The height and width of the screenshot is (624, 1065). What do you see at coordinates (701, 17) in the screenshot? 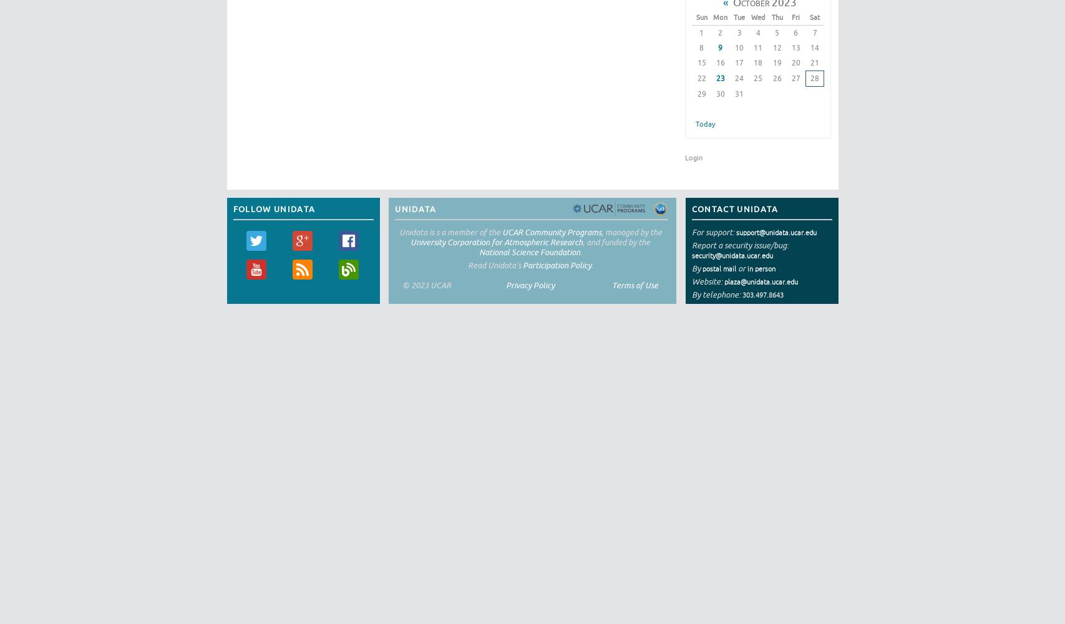
I see `'Sun'` at bounding box center [701, 17].